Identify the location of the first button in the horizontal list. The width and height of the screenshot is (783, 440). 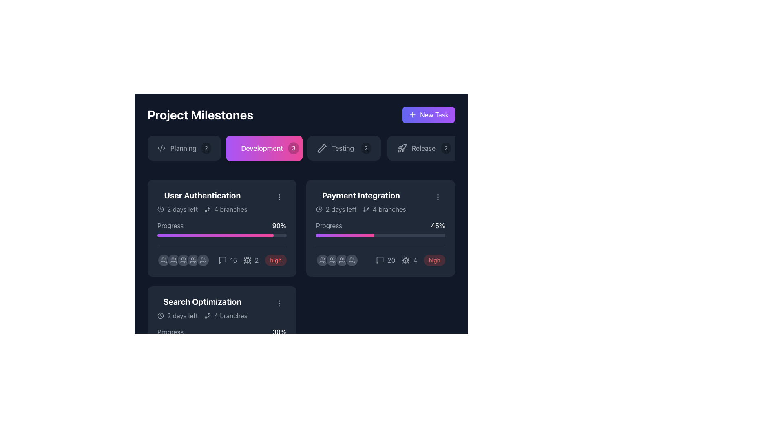
(184, 148).